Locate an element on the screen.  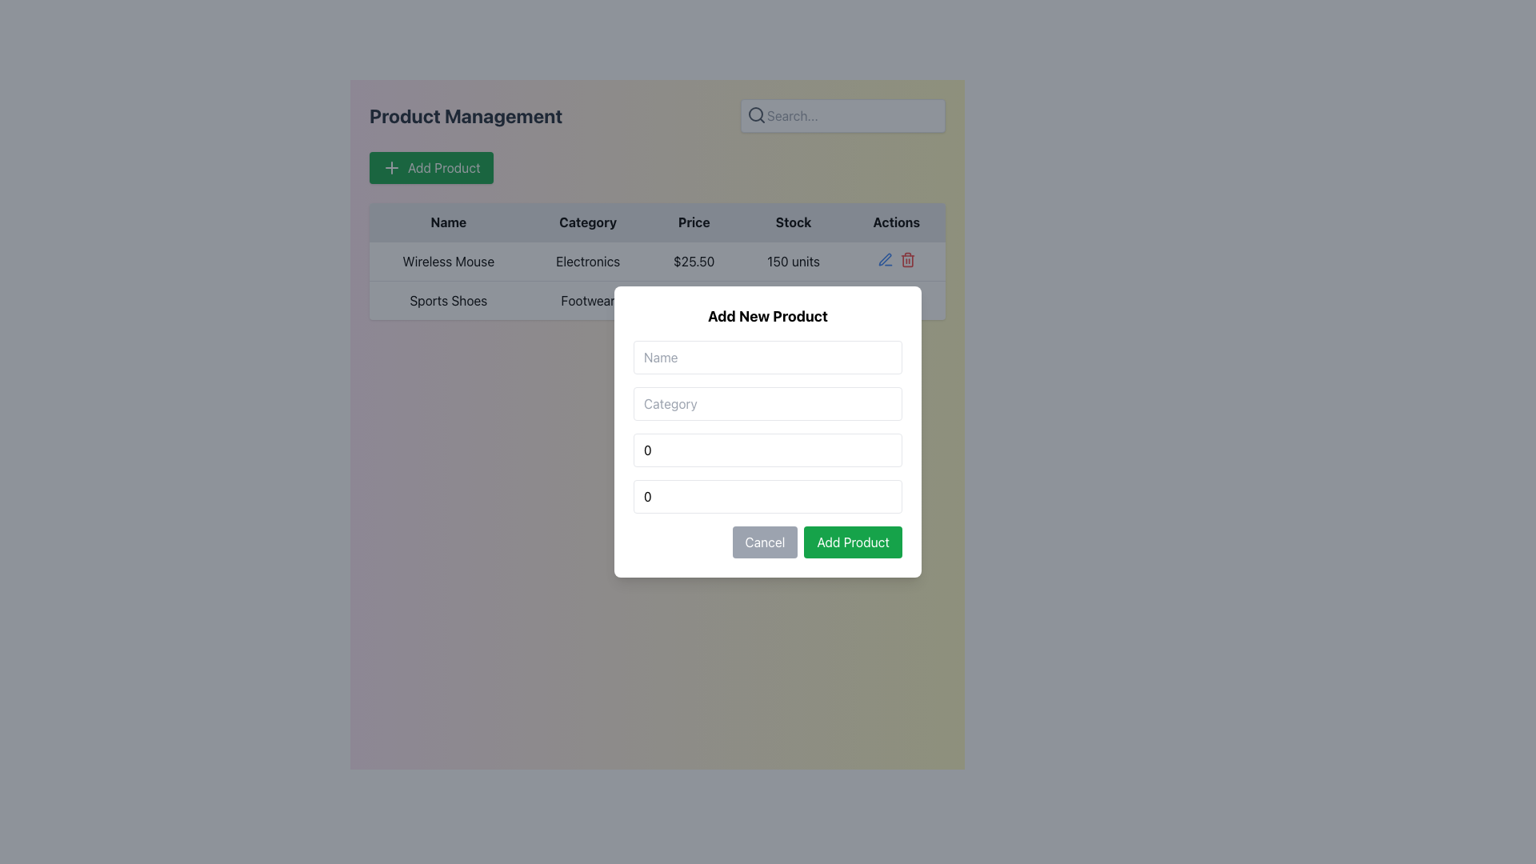
the 'Add Product' button located in the upper-left section beneath the 'Product Management' title to observe visual feedback is located at coordinates (431, 167).